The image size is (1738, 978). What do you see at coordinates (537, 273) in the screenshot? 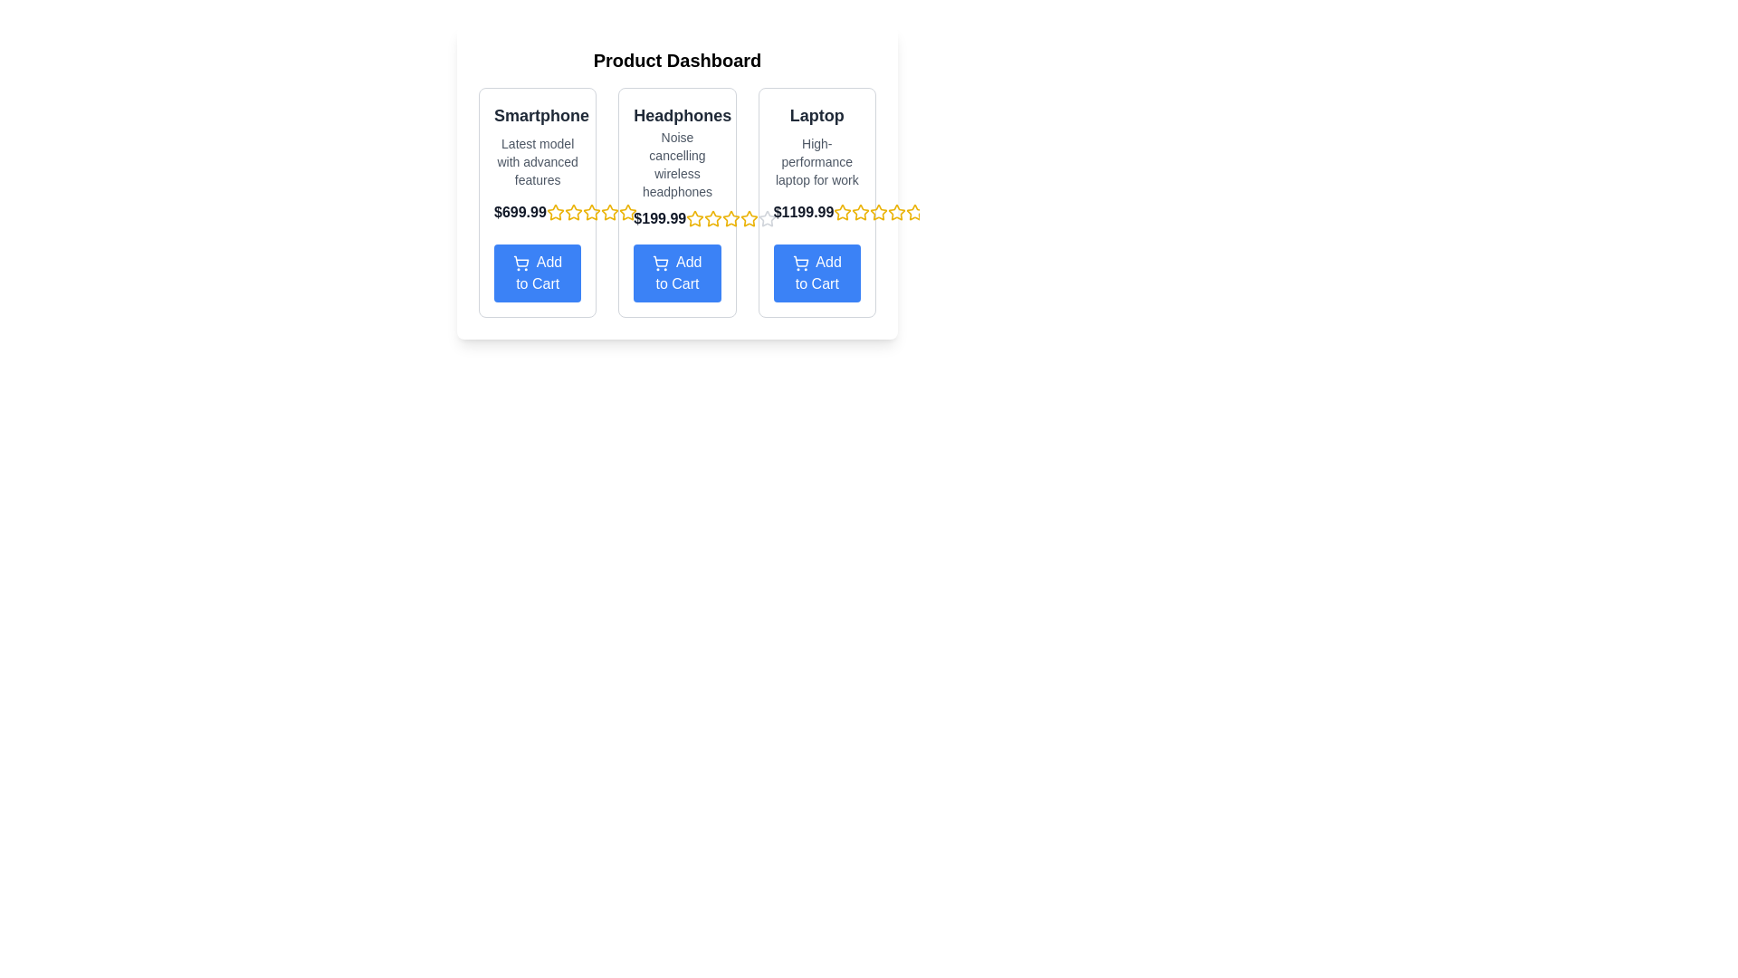
I see `the call-to-action button located at the bottom of the product card, which allows users to add the product to their shopping cart` at bounding box center [537, 273].